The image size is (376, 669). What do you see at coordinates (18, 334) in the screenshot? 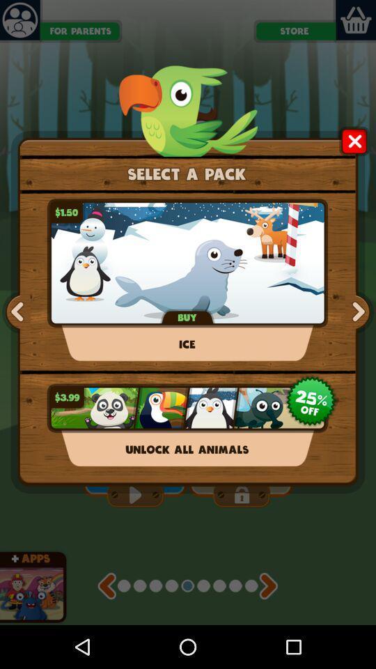
I see `the arrow_backward icon` at bounding box center [18, 334].